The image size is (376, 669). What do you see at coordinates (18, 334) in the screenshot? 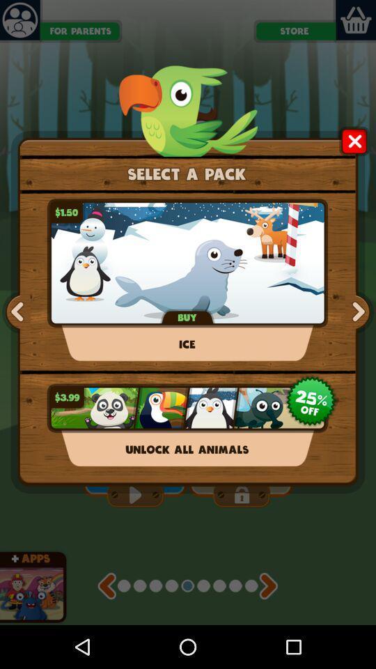
I see `the arrow_backward icon` at bounding box center [18, 334].